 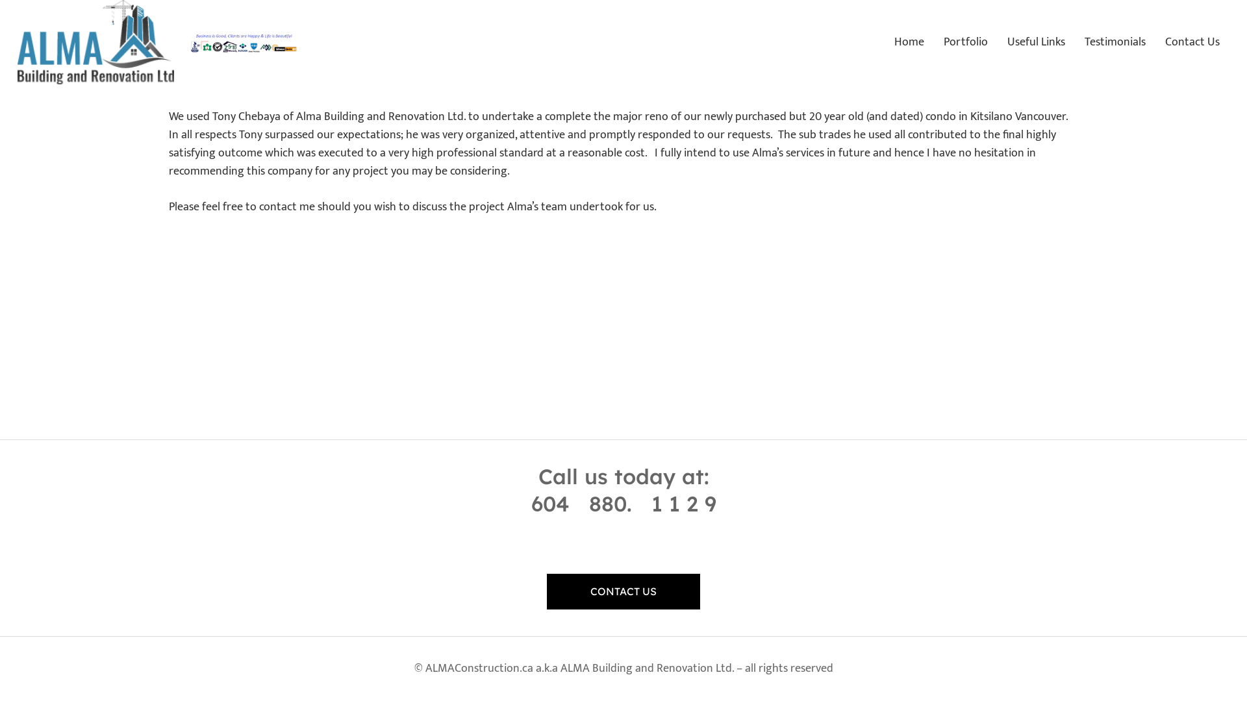 I want to click on 'Home', so click(x=909, y=42).